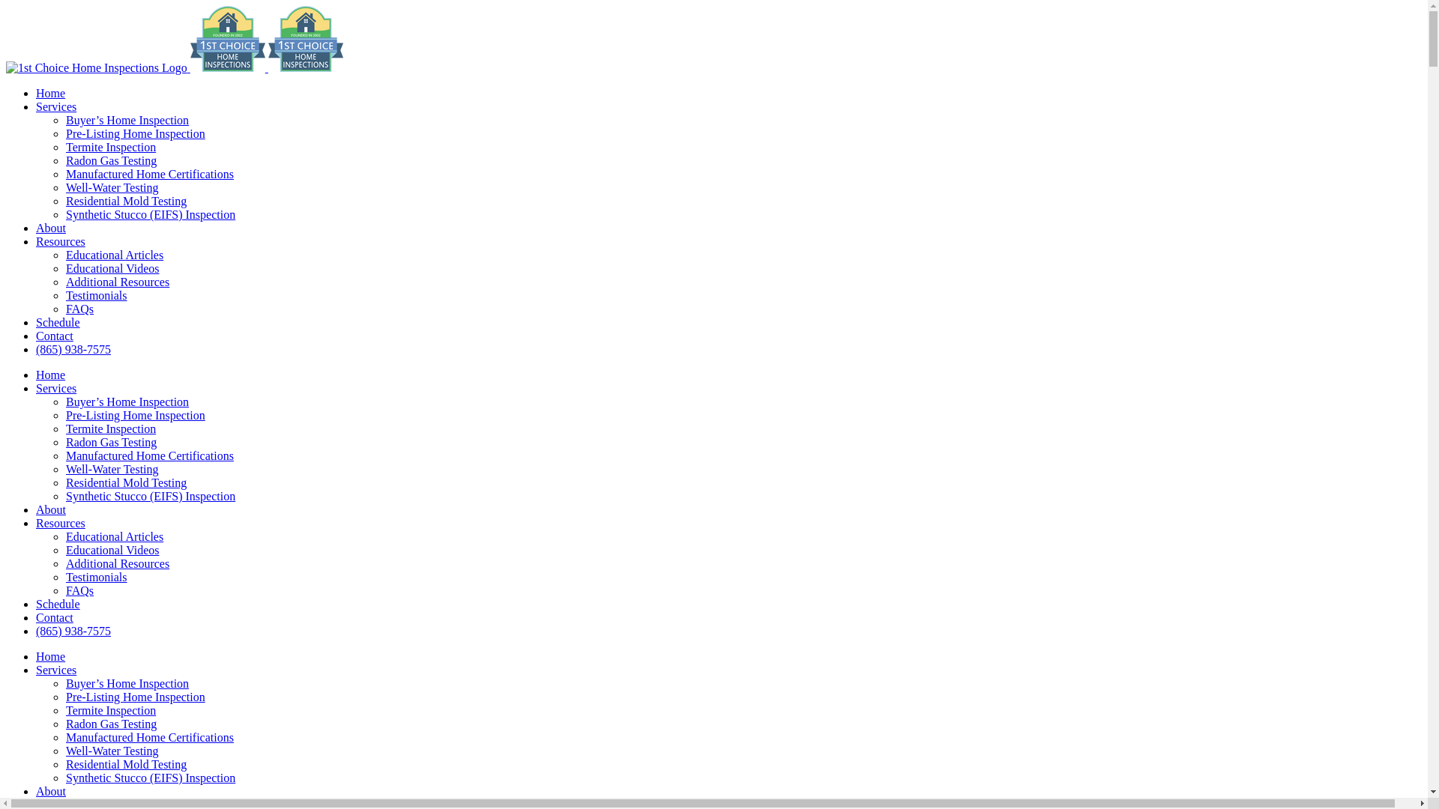 The width and height of the screenshot is (1439, 809). Describe the element at coordinates (126, 482) in the screenshot. I see `'Residential Mold Testing'` at that location.